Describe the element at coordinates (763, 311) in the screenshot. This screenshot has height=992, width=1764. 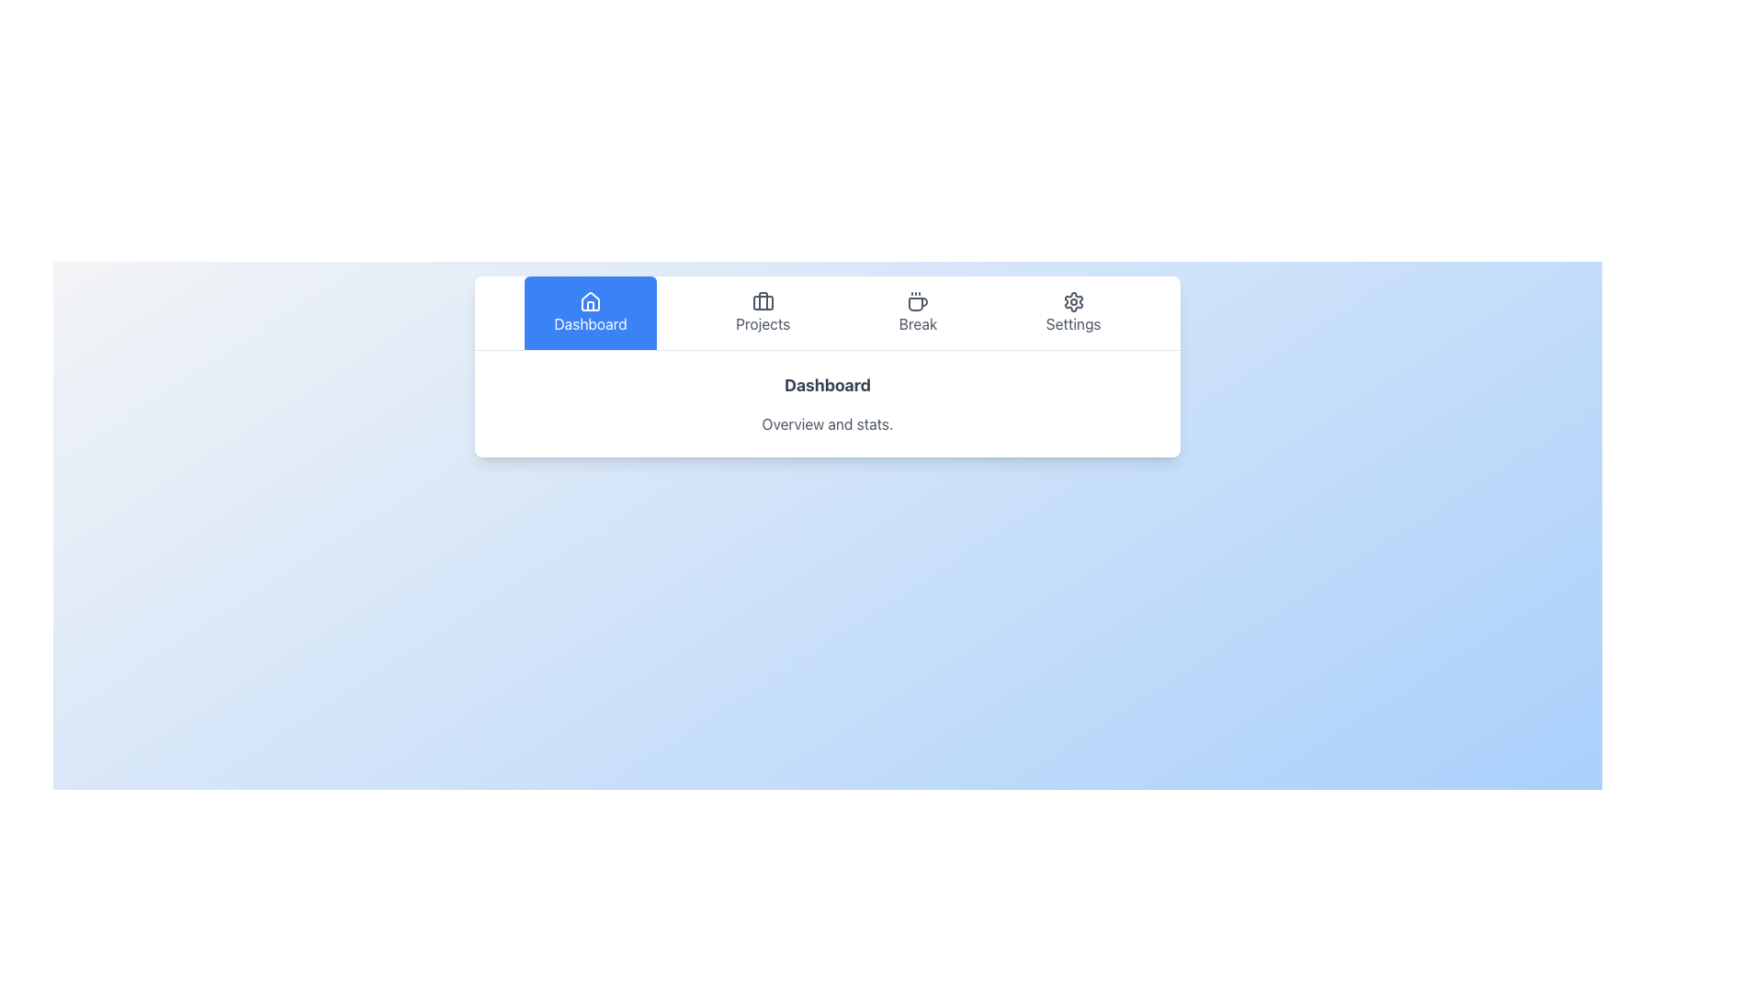
I see `the Navigation Button that leads to the 'Projects' section of the application` at that location.